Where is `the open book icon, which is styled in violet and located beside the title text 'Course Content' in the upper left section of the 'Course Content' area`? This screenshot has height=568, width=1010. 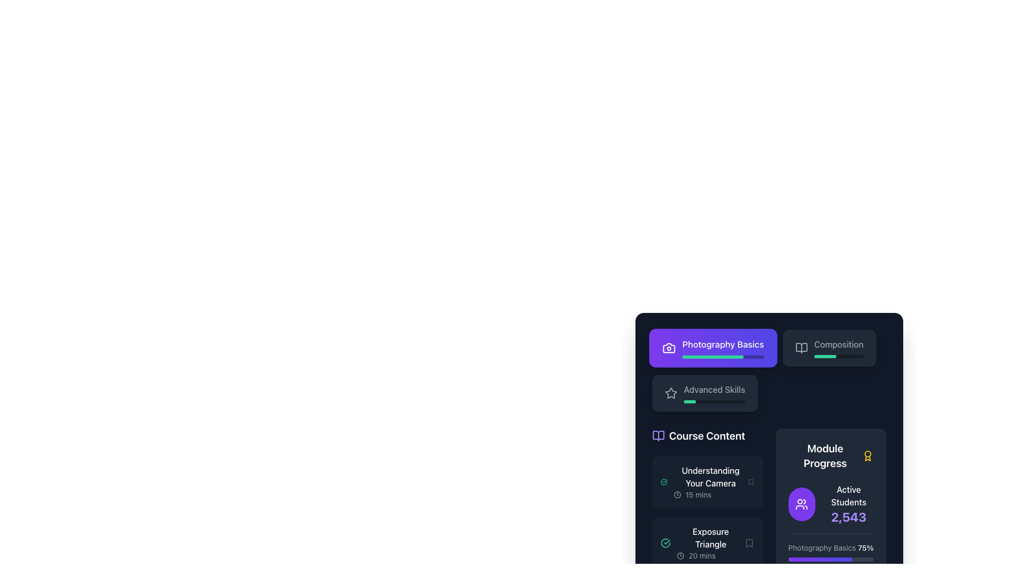 the open book icon, which is styled in violet and located beside the title text 'Course Content' in the upper left section of the 'Course Content' area is located at coordinates (658, 436).